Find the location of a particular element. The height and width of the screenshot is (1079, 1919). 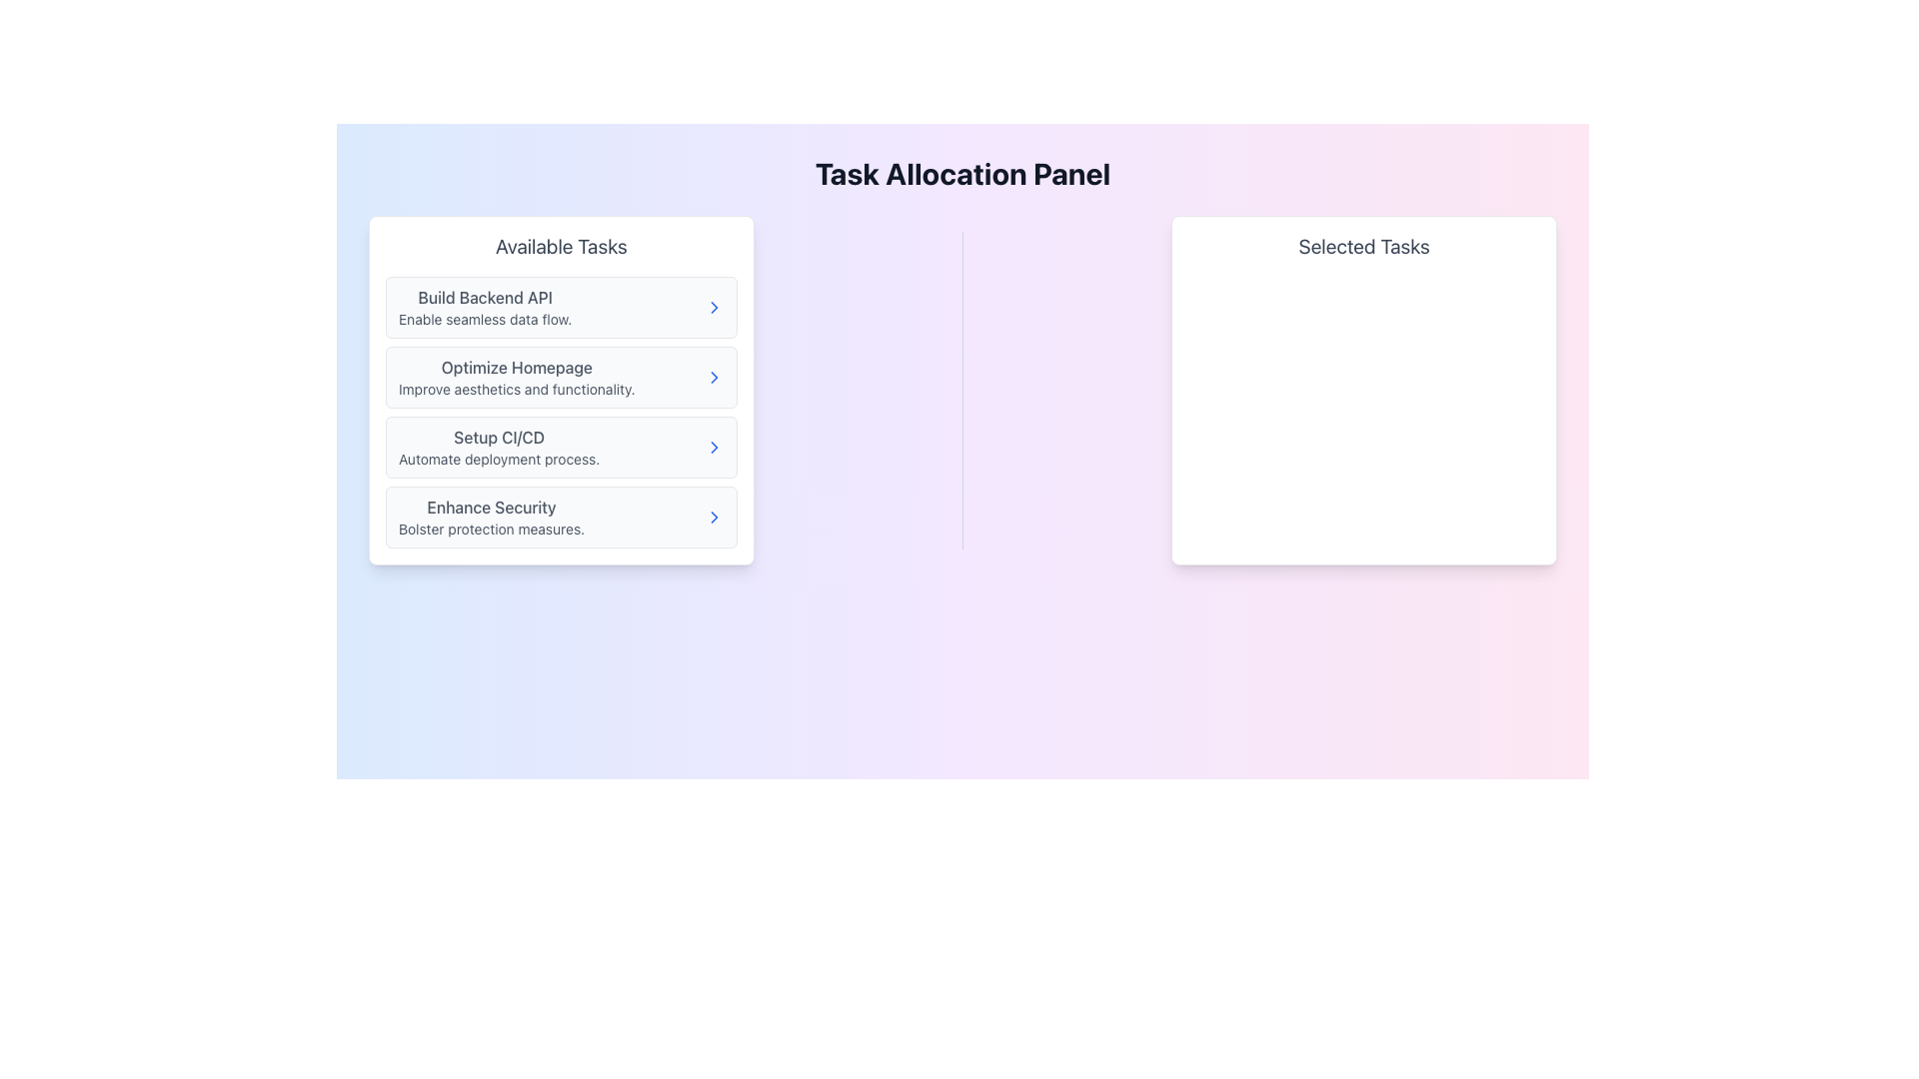

the rightward chevron icon located at the far right of the 'Optimize Homepage' list item in the 'Available Tasks' section is located at coordinates (714, 378).